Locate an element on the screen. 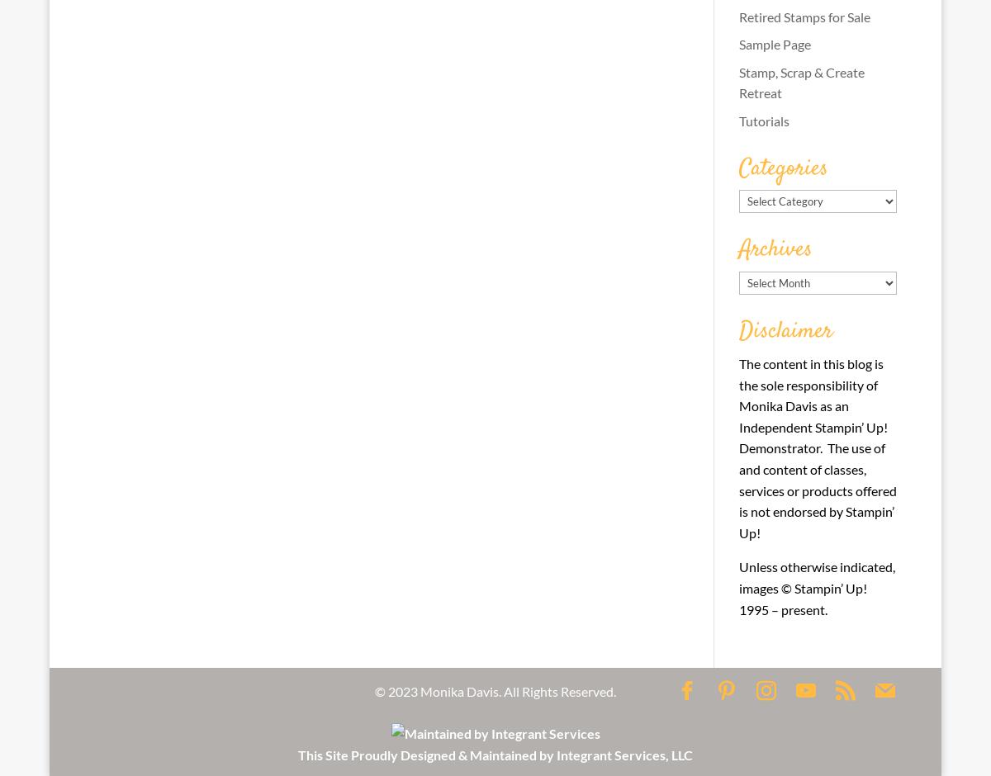 The width and height of the screenshot is (991, 776). 'Unless otherwise indicated, images © Stampin’ Up! 1995 – present.' is located at coordinates (816, 587).